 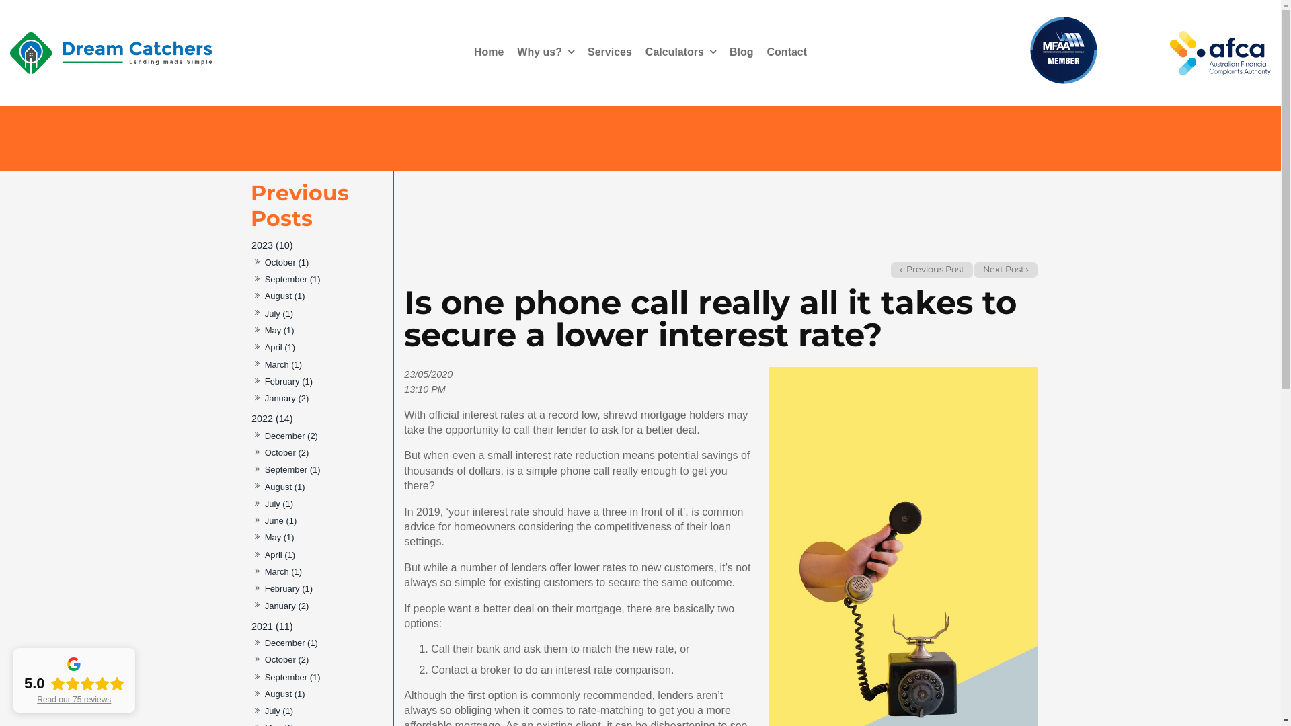 I want to click on 'Calculators', so click(x=680, y=52).